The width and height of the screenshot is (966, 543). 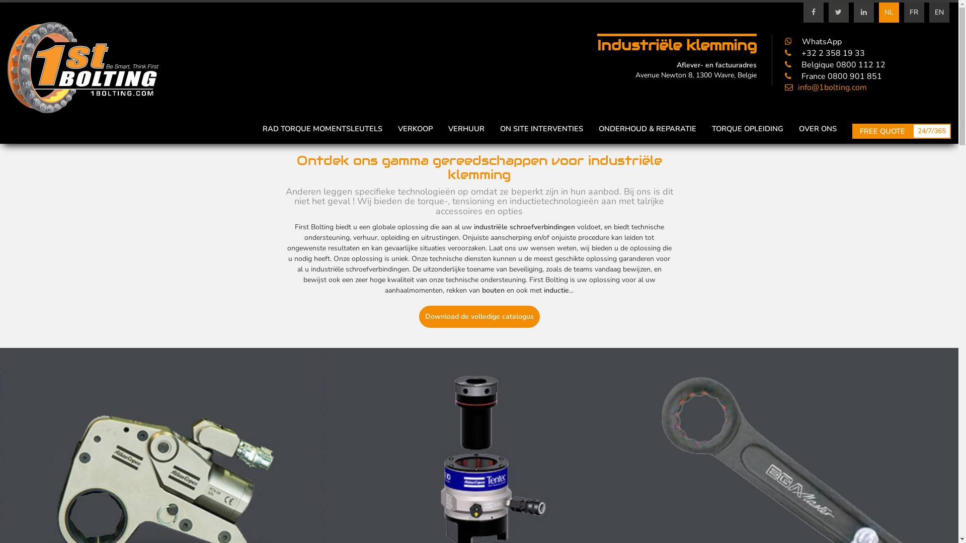 What do you see at coordinates (833, 75) in the screenshot?
I see `'France 0800 901 851'` at bounding box center [833, 75].